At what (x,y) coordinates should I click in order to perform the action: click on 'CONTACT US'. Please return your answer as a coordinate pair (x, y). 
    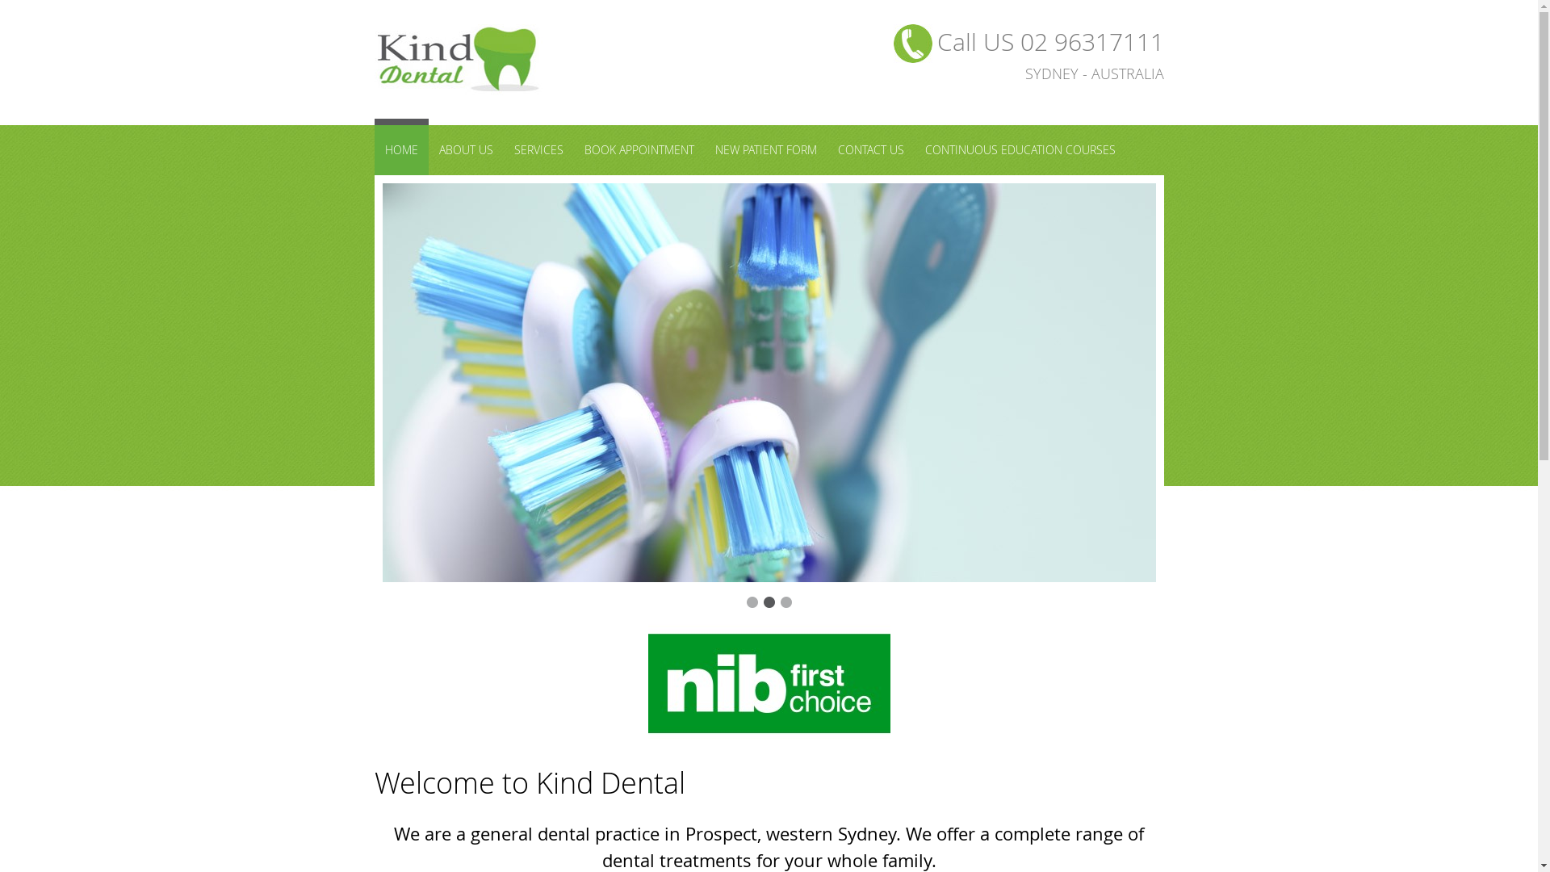
    Looking at the image, I should click on (869, 149).